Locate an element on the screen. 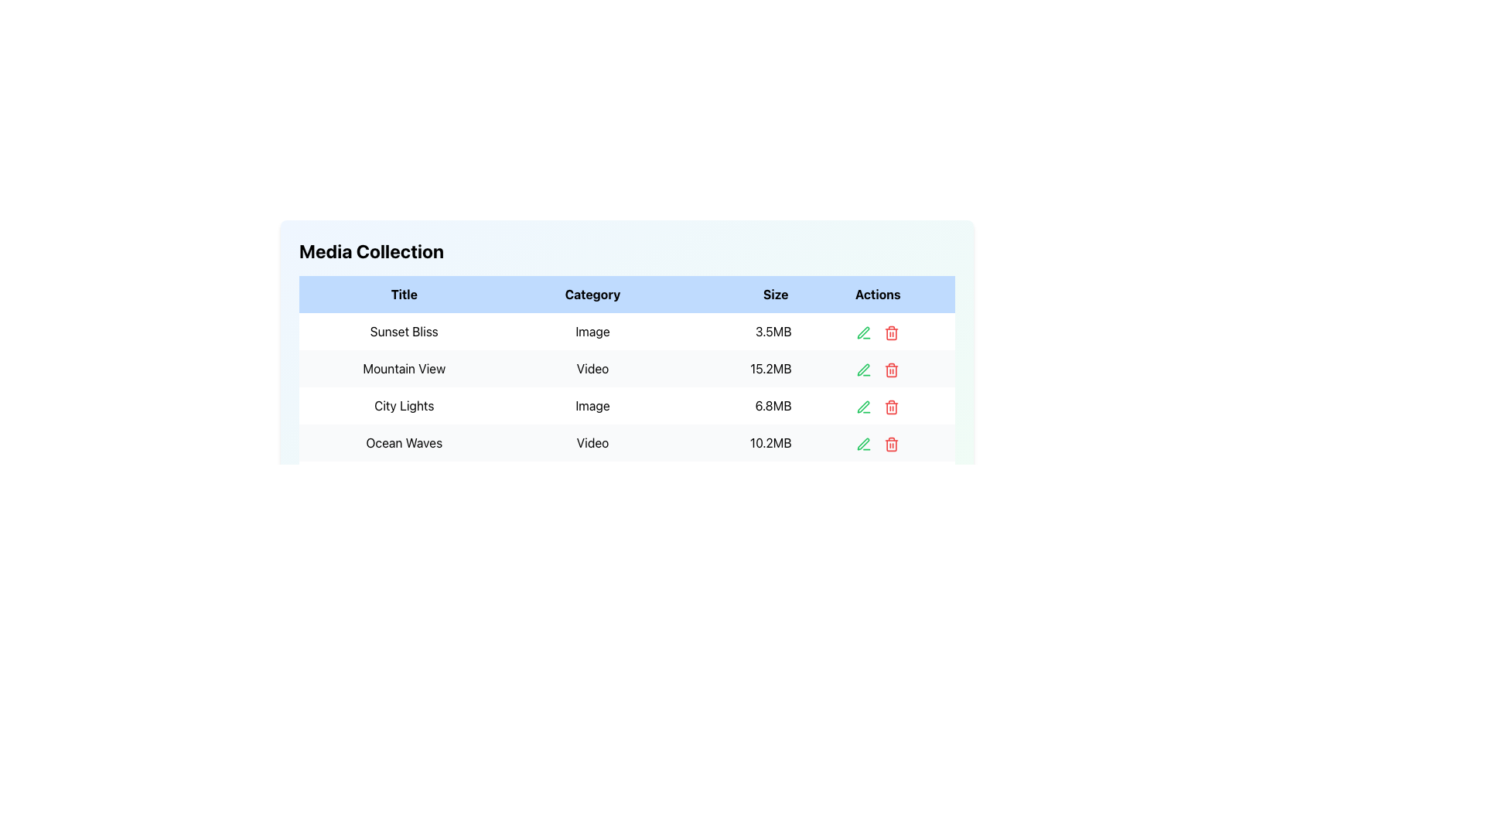 The image size is (1485, 835). the 'Video' category label located in the second row under the 'Category' column of the 'Media Collection' table is located at coordinates (592, 369).